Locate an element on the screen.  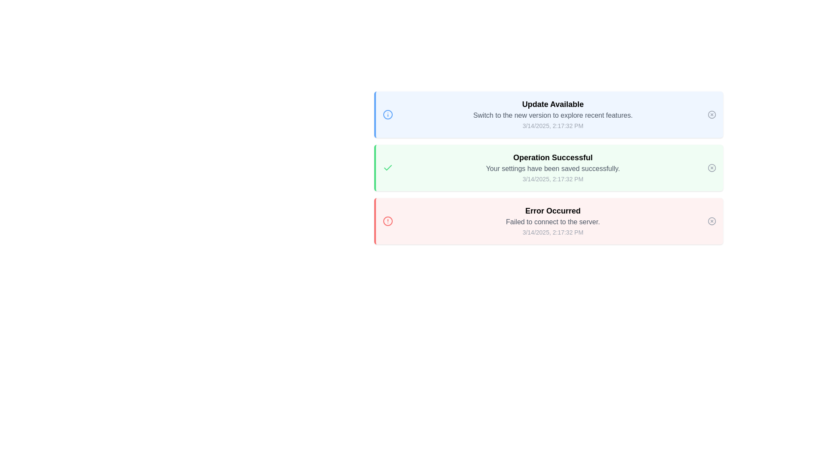
the Circle SVG graphics component that is part of the cancel icon, located on the right side of the green notification box labeled 'Operation Successful.' is located at coordinates (712, 168).